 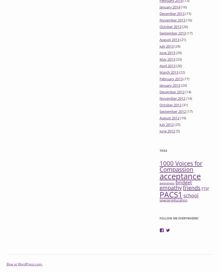 What do you see at coordinates (172, 20) in the screenshot?
I see `'November 2013'` at bounding box center [172, 20].